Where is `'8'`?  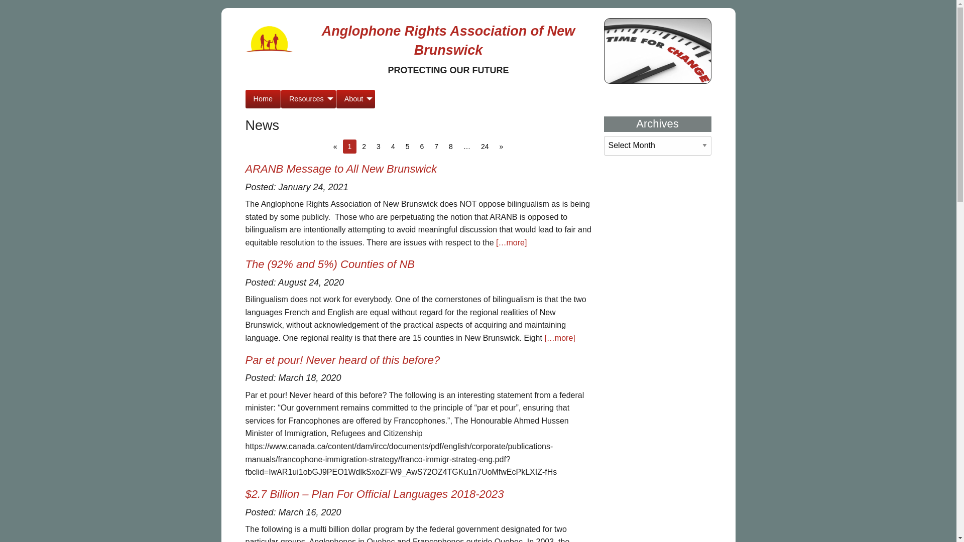 '8' is located at coordinates (450, 147).